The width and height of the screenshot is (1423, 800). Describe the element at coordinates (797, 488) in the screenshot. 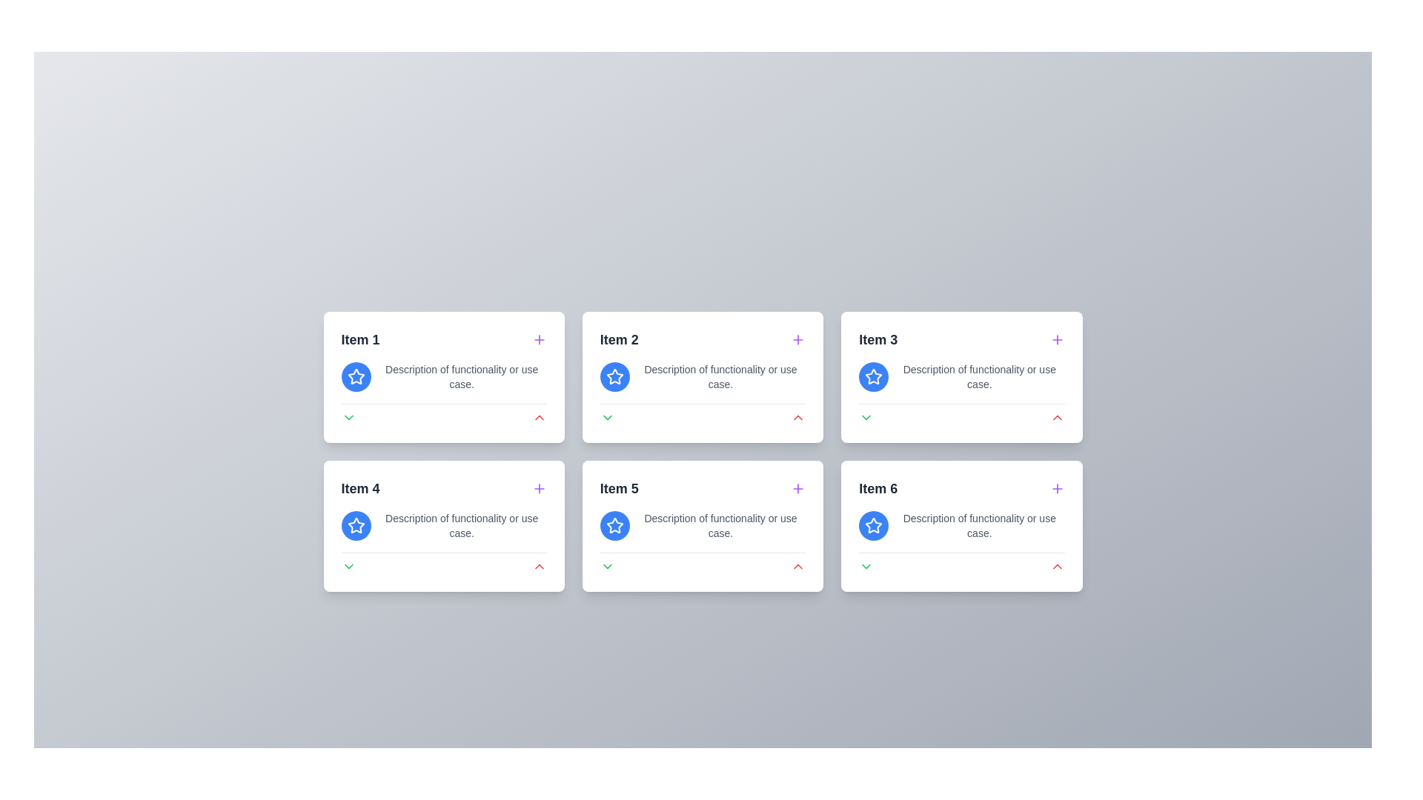

I see `the interactive button` at that location.